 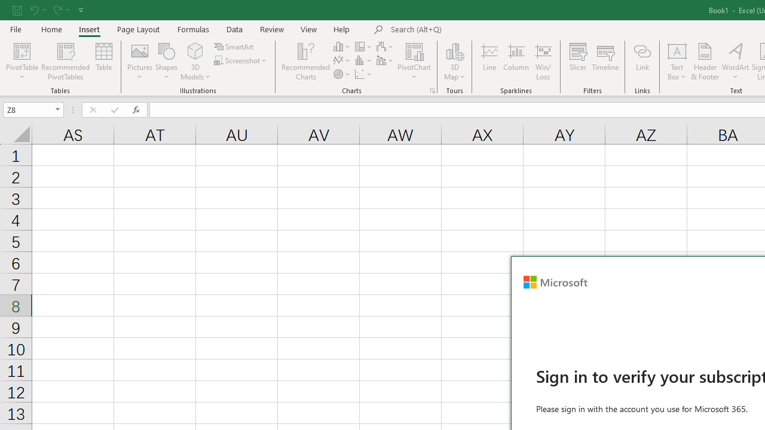 What do you see at coordinates (605, 62) in the screenshot?
I see `'Timeline'` at bounding box center [605, 62].